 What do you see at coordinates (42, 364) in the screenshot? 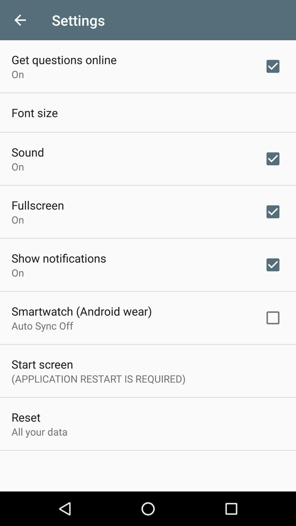
I see `start screen icon` at bounding box center [42, 364].